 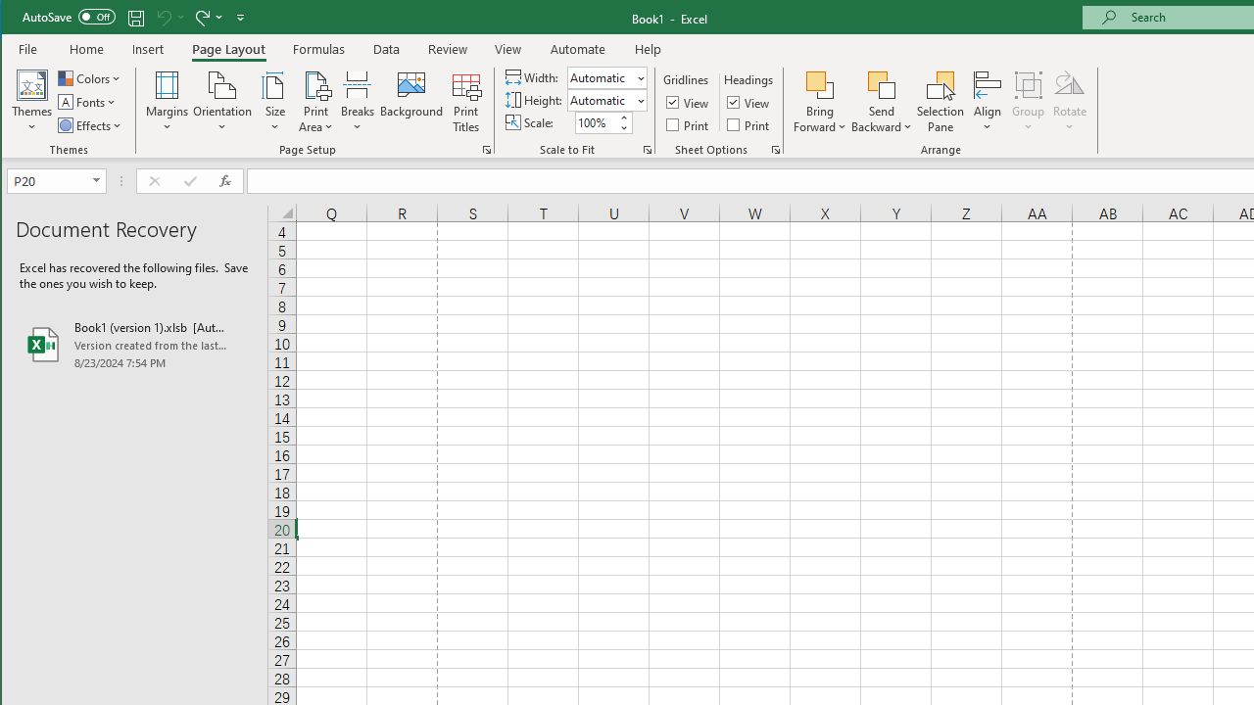 What do you see at coordinates (881, 102) in the screenshot?
I see `'Send Backward'` at bounding box center [881, 102].